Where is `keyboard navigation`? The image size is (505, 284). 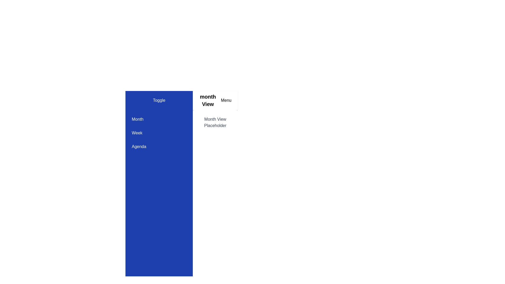
keyboard navigation is located at coordinates (159, 133).